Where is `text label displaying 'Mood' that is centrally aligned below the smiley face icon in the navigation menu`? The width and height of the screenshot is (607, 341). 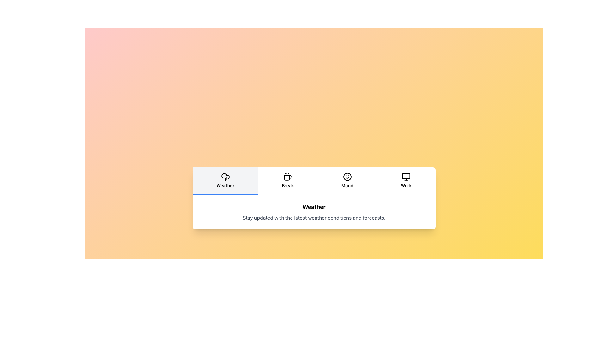 text label displaying 'Mood' that is centrally aligned below the smiley face icon in the navigation menu is located at coordinates (347, 185).